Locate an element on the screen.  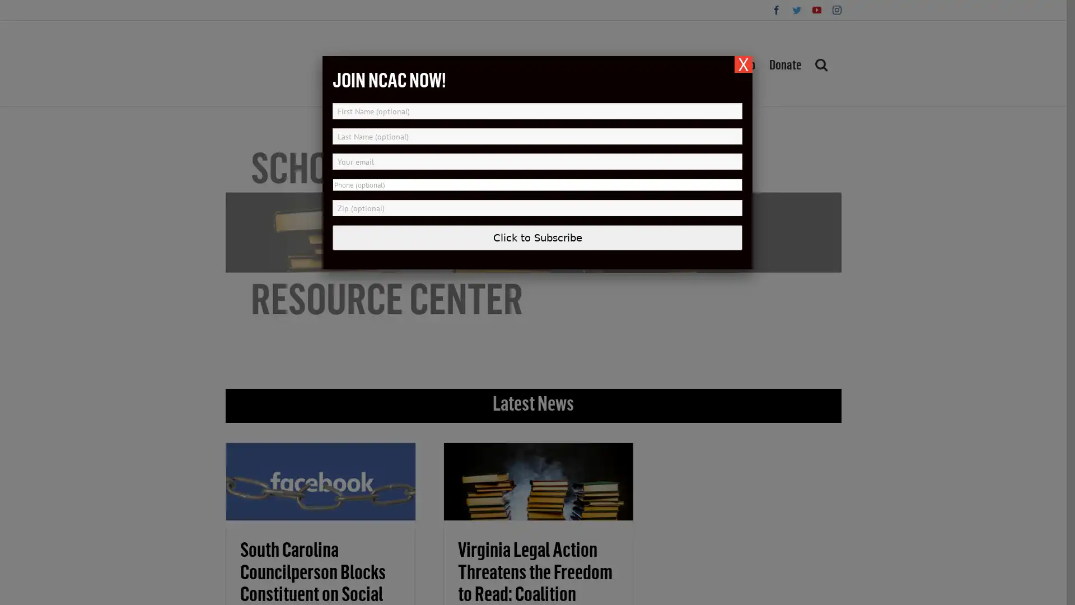
Search is located at coordinates (820, 63).